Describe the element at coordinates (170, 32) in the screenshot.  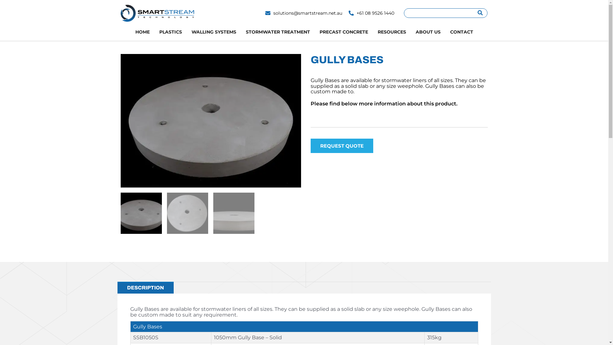
I see `'PLASTICS'` at that location.